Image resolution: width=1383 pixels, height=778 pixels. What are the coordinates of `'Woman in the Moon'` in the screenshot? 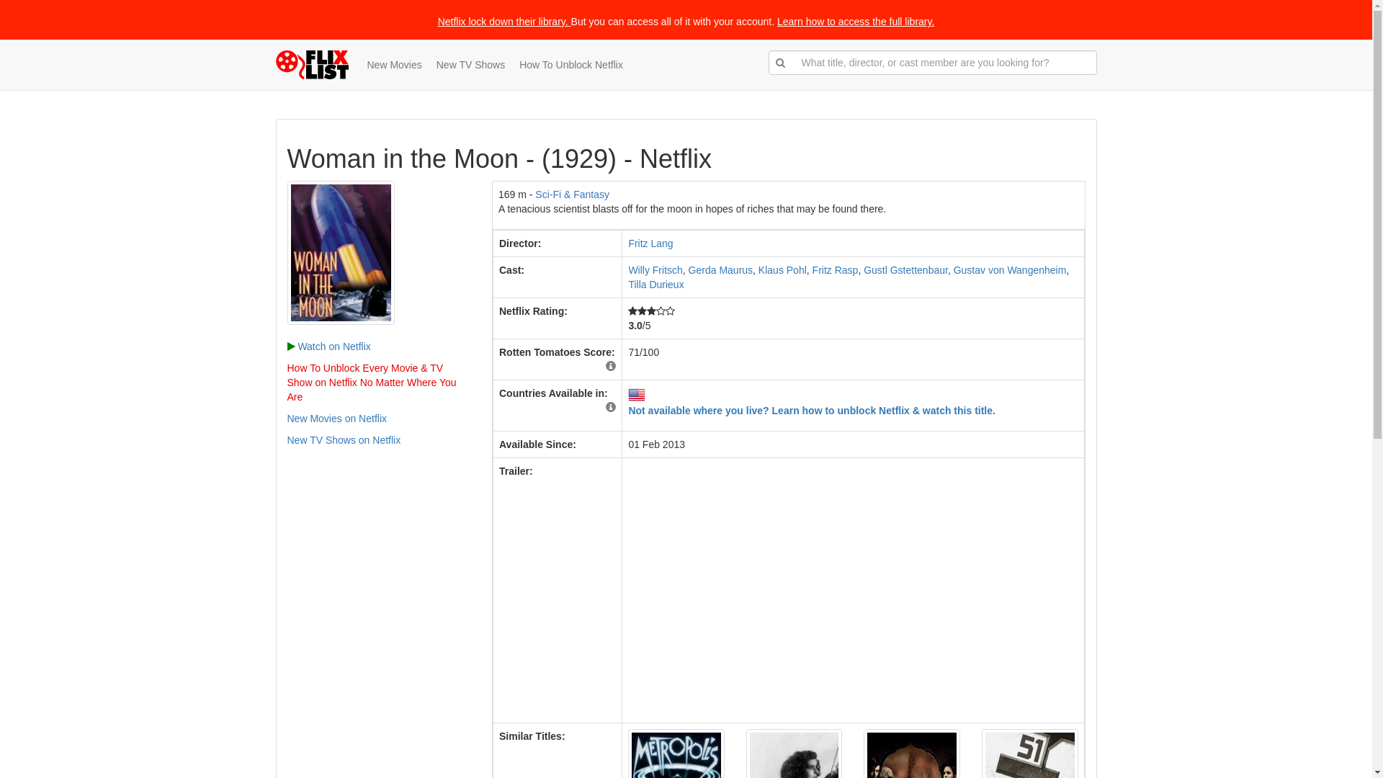 It's located at (339, 252).